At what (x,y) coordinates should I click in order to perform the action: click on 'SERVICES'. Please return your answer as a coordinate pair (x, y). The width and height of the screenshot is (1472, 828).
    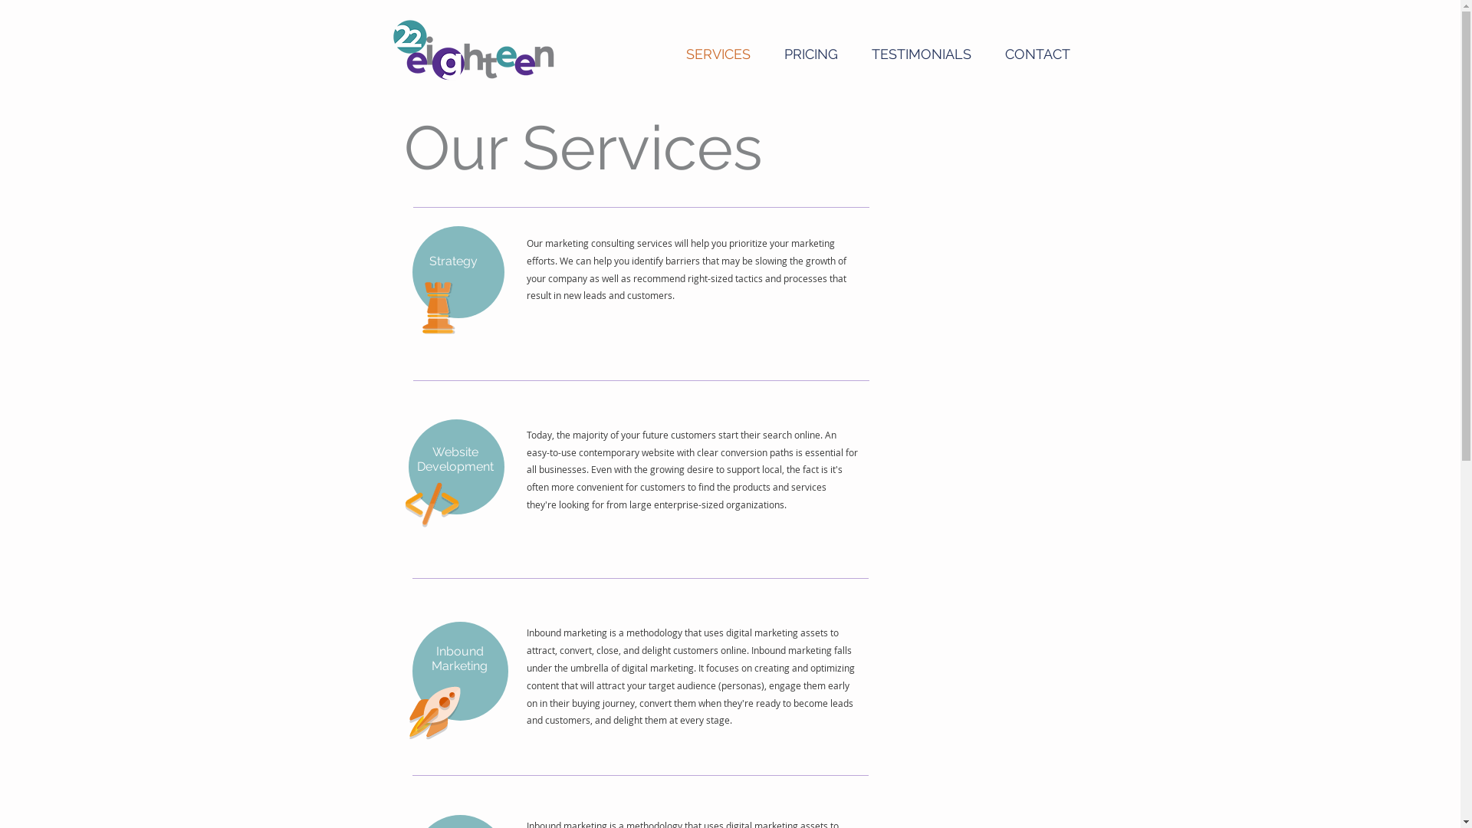
    Looking at the image, I should click on (669, 53).